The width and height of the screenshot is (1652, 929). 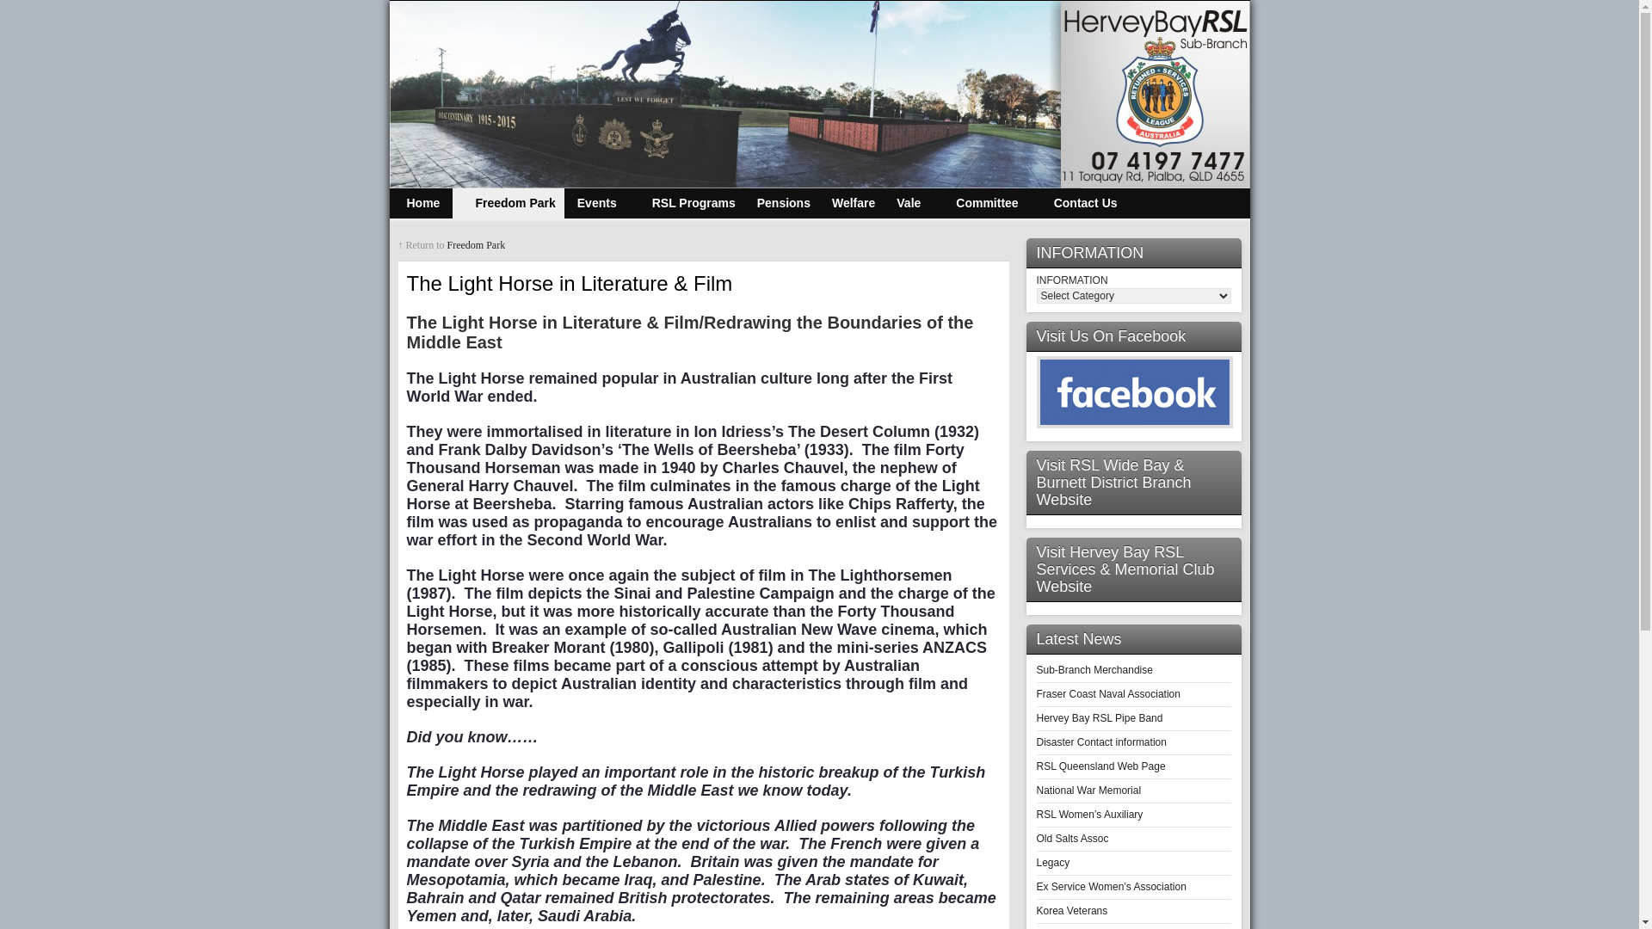 What do you see at coordinates (1070, 910) in the screenshot?
I see `'Korea Veterans'` at bounding box center [1070, 910].